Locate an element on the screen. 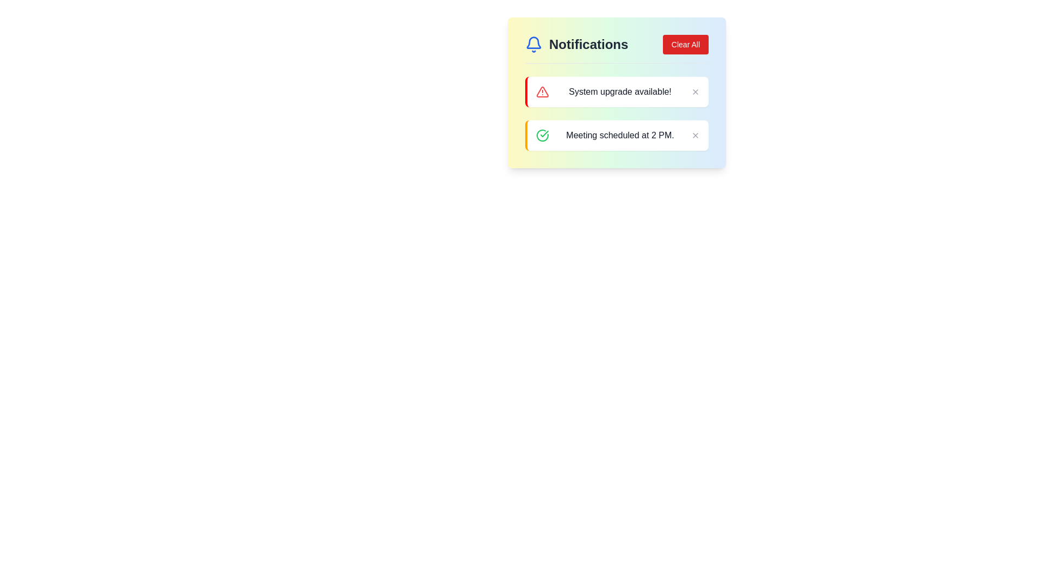 The height and width of the screenshot is (588, 1045). the warning icon within the notification card titled 'System upgrade available!', positioned towards the left side near the text of the notification is located at coordinates (543, 91).